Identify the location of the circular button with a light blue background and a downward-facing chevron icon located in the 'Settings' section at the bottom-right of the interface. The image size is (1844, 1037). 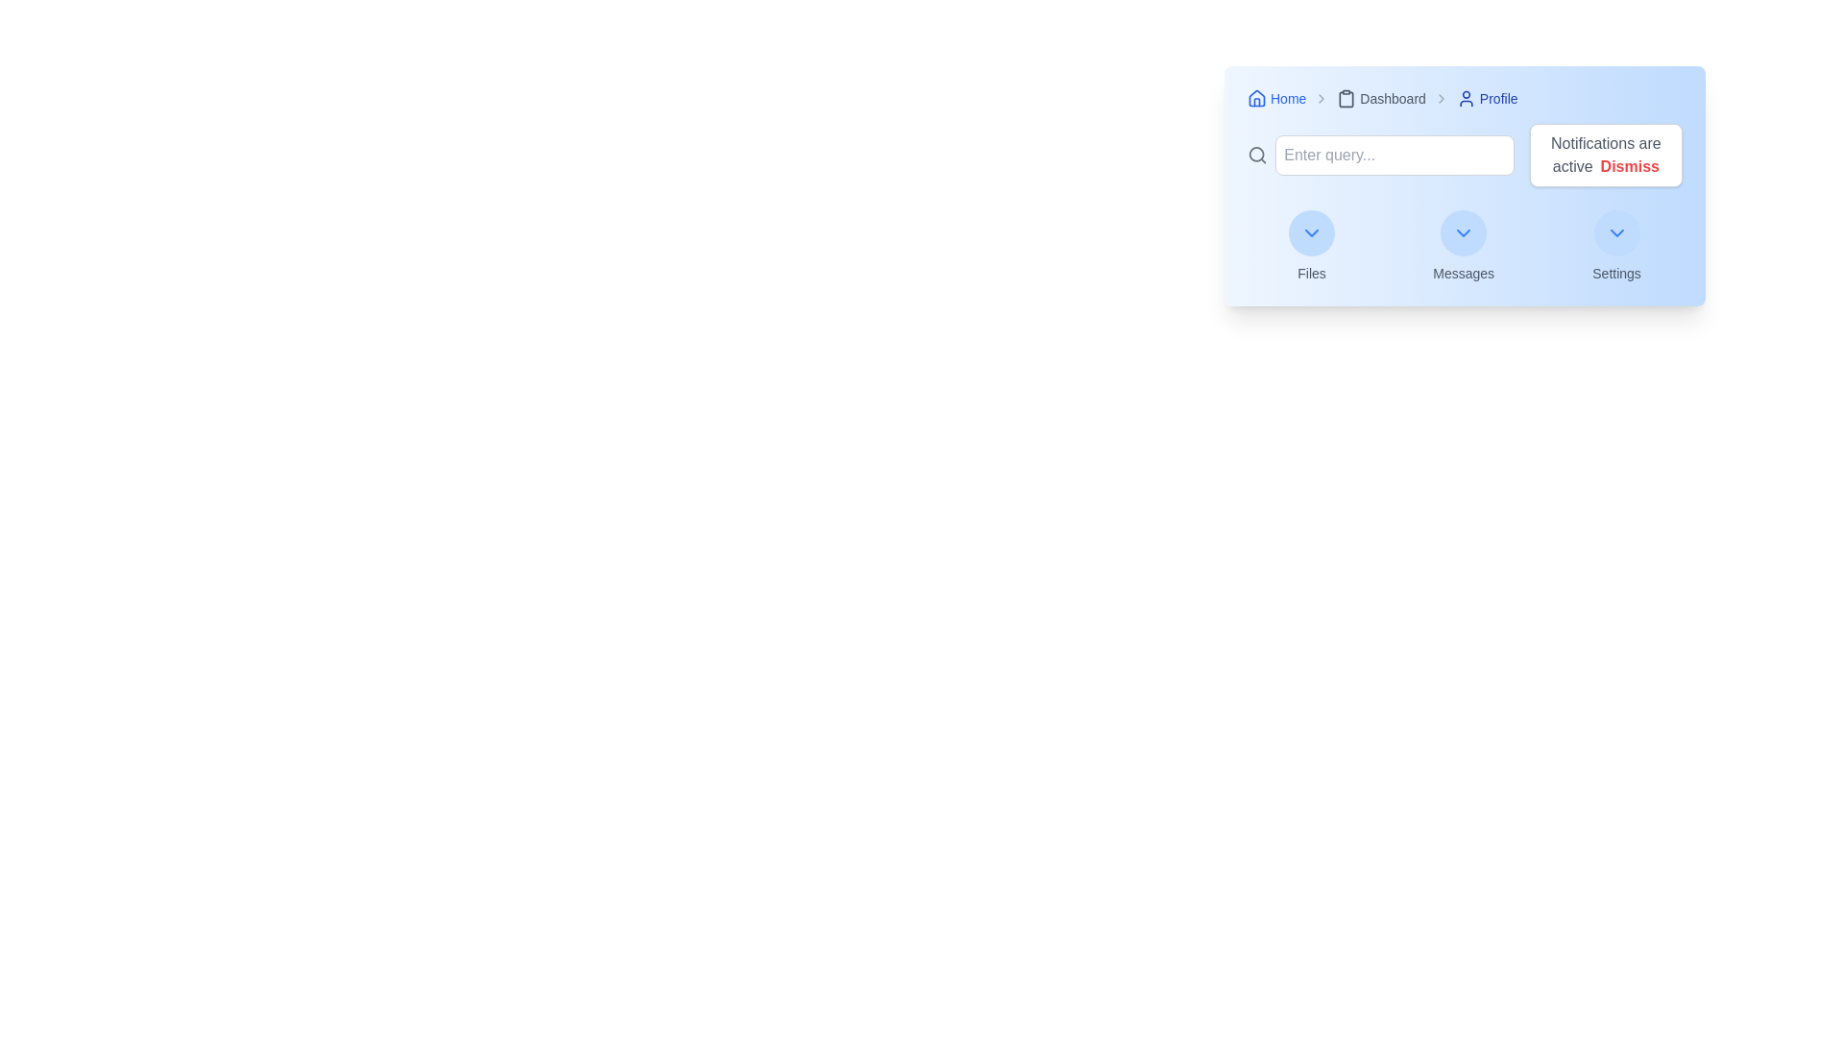
(1615, 232).